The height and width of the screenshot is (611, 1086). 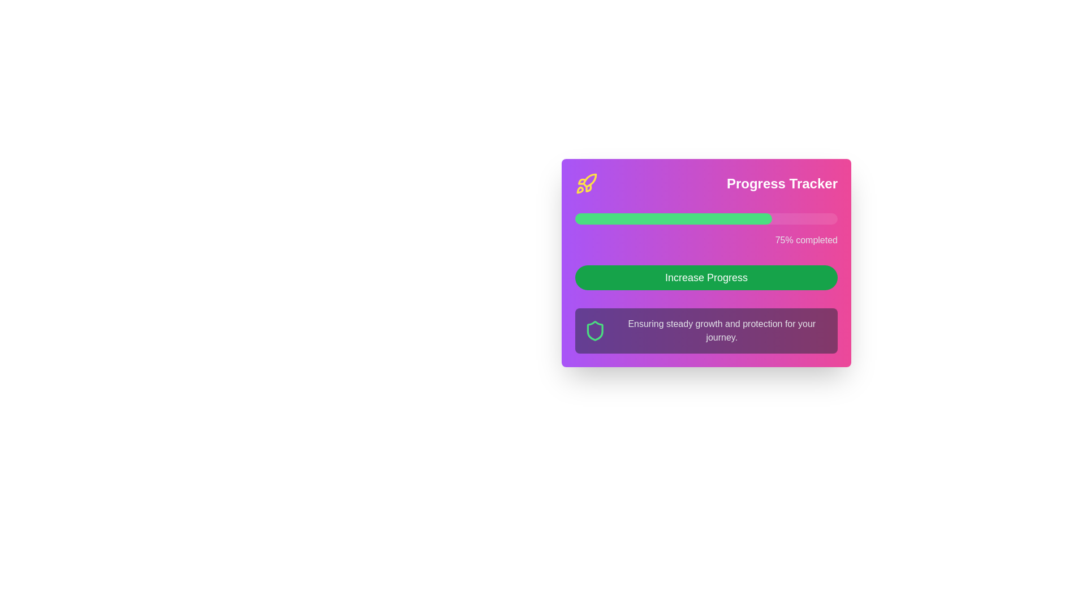 What do you see at coordinates (673, 218) in the screenshot?
I see `the filled section of the progress bar in the Progress Tracker, which is a horizontal green bar styled with rounded ends, indicating 75% progress achieved` at bounding box center [673, 218].